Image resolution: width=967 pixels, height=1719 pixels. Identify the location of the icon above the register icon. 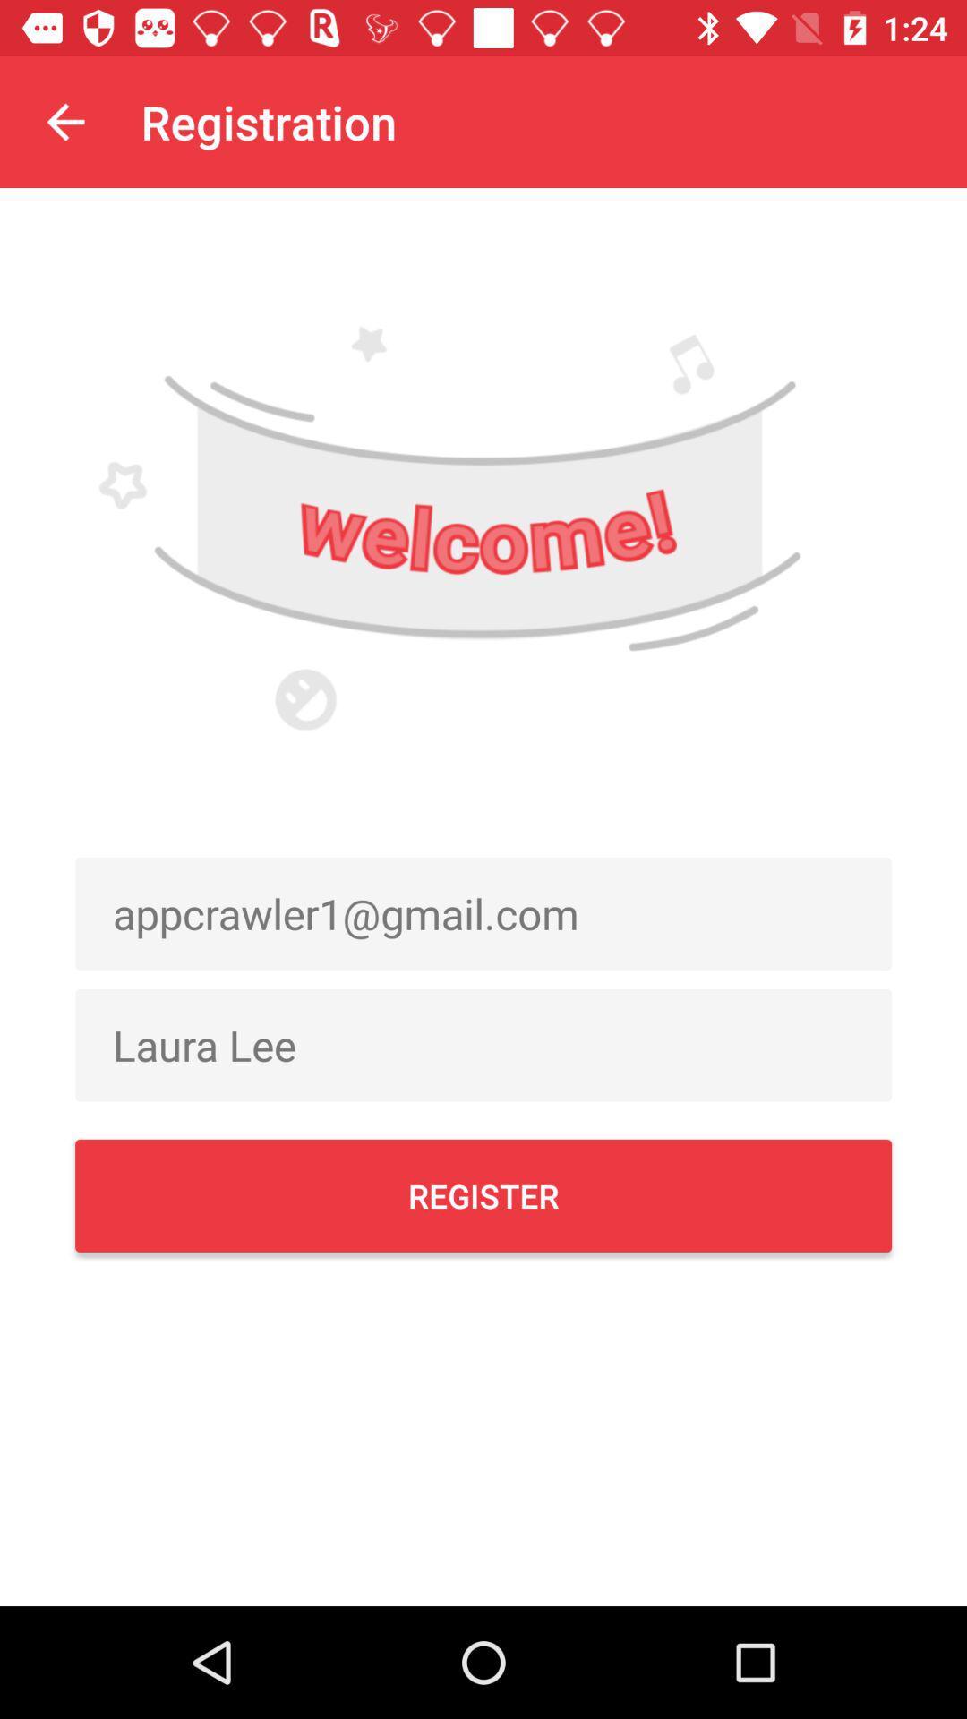
(483, 1045).